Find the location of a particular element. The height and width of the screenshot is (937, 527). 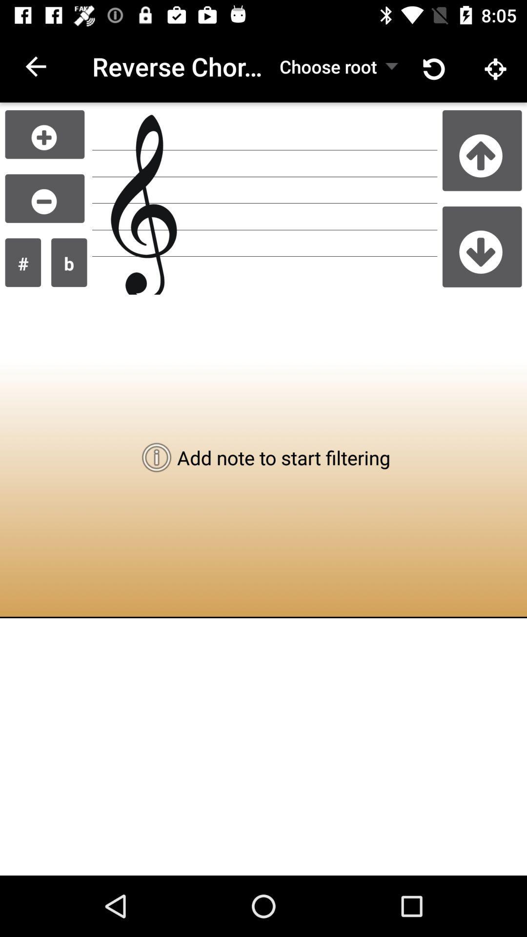

zoom out is located at coordinates (44, 198).